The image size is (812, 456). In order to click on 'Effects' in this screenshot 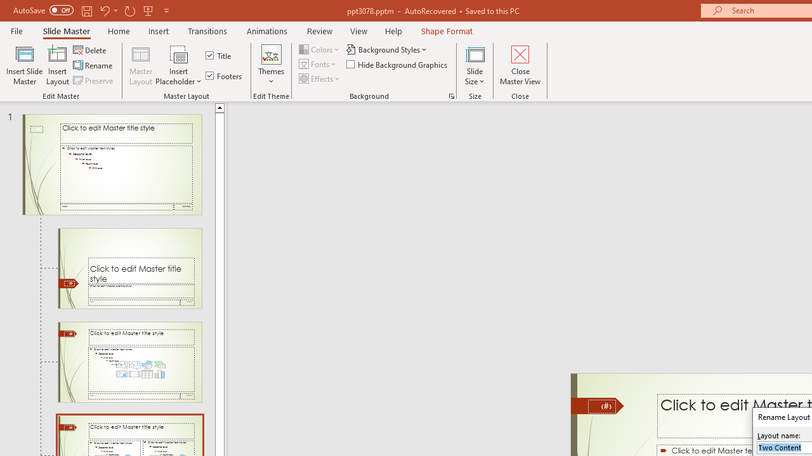, I will do `click(320, 79)`.